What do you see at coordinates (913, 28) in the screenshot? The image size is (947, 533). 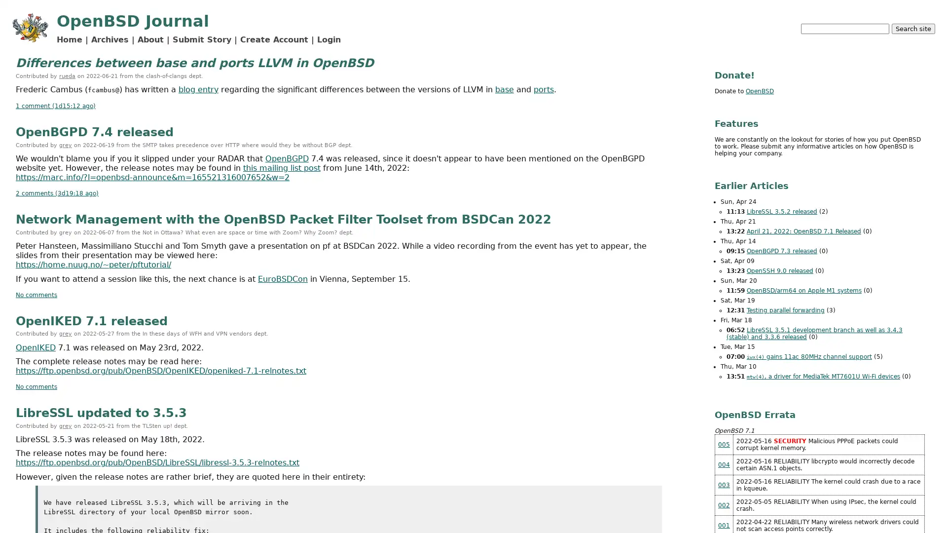 I see `Search site` at bounding box center [913, 28].